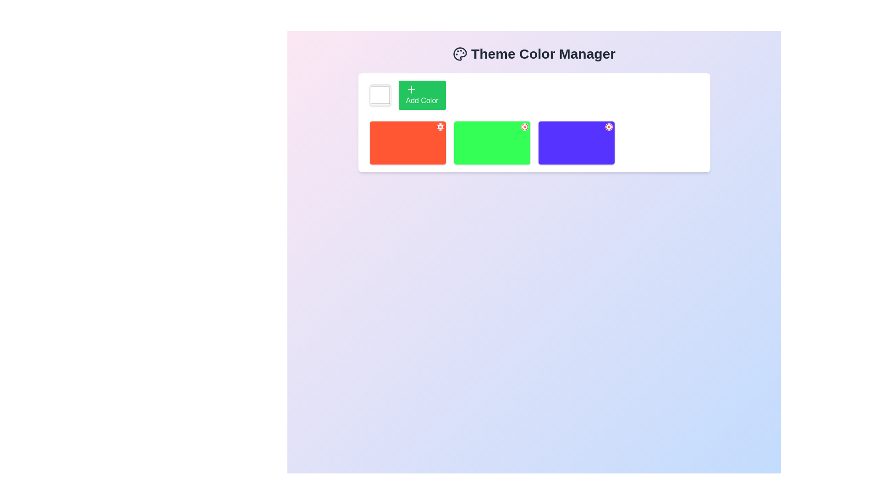 The width and height of the screenshot is (880, 495). What do you see at coordinates (411, 90) in the screenshot?
I see `the plus icon with a green background inside the 'Add Color' button` at bounding box center [411, 90].